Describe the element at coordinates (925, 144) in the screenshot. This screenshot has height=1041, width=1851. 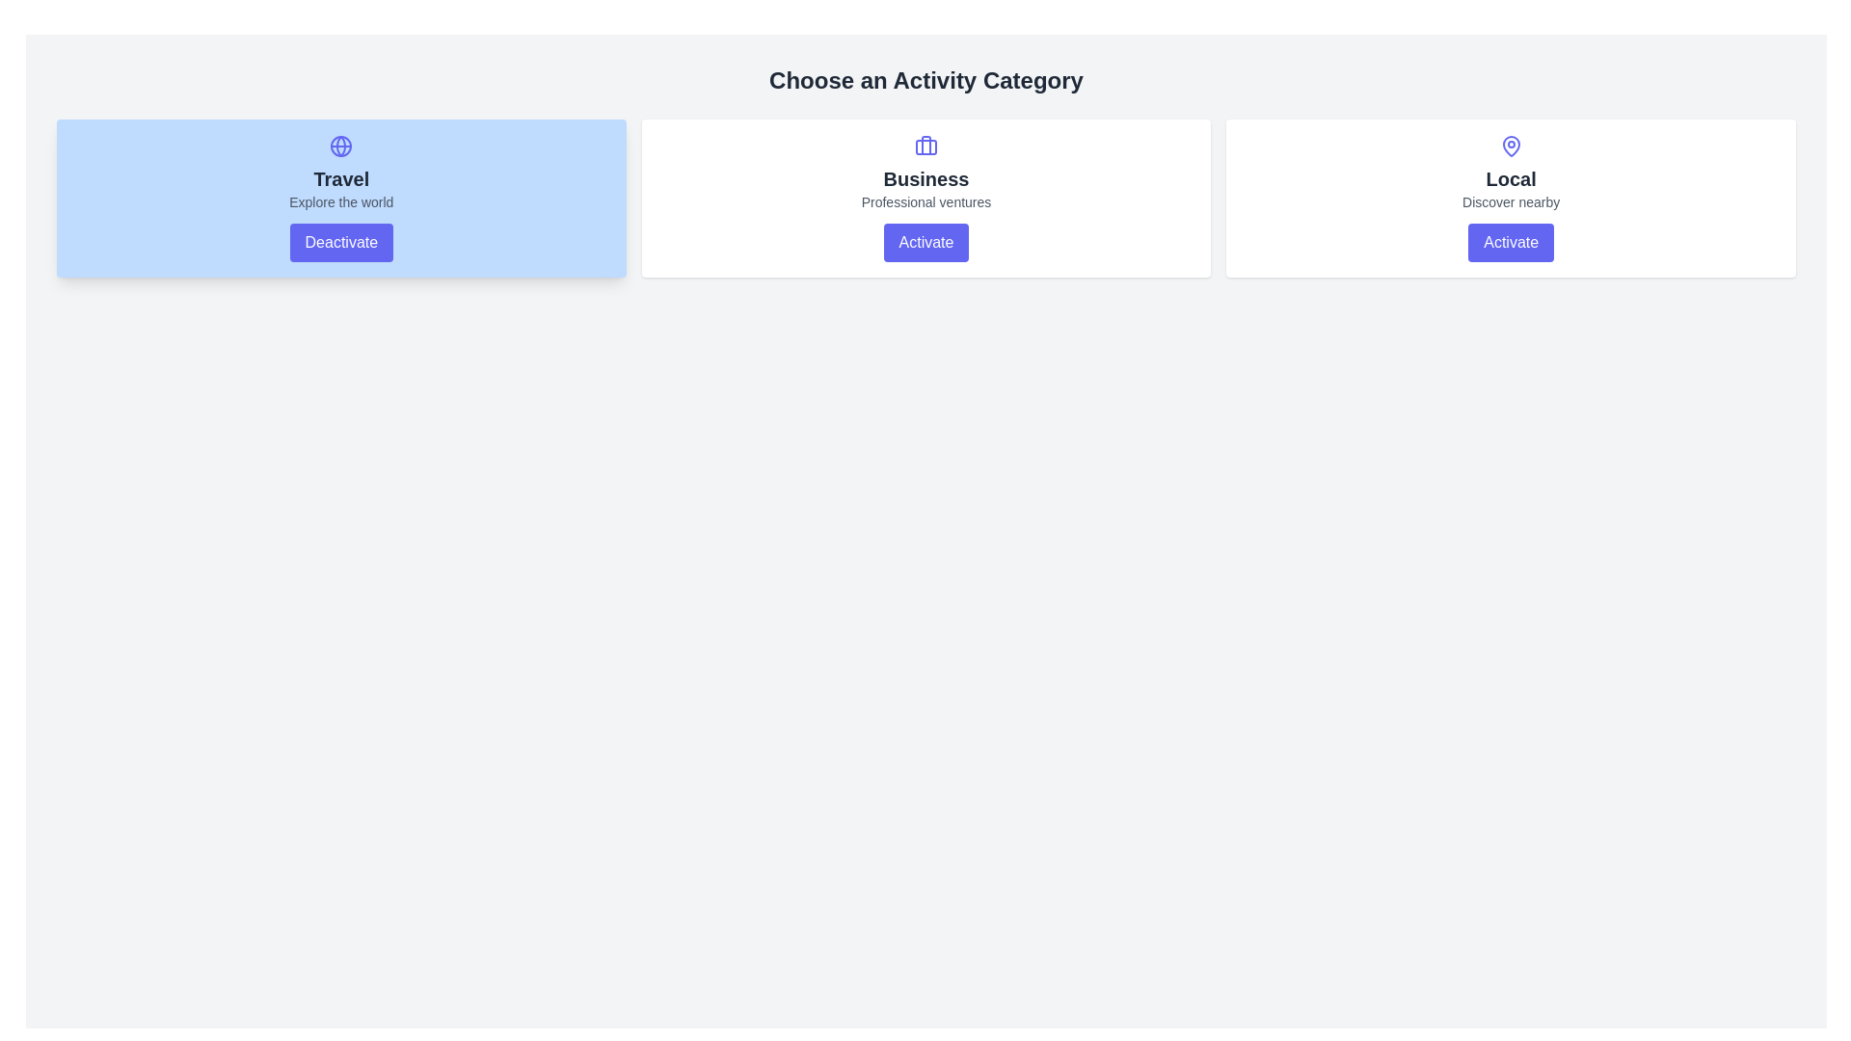
I see `the vertical line of the briefcase icon located at the top-center of the 'Business' category card, which is the second card in the horizontally aligned trio of category cards labeled 'Choose an Activity Category'` at that location.